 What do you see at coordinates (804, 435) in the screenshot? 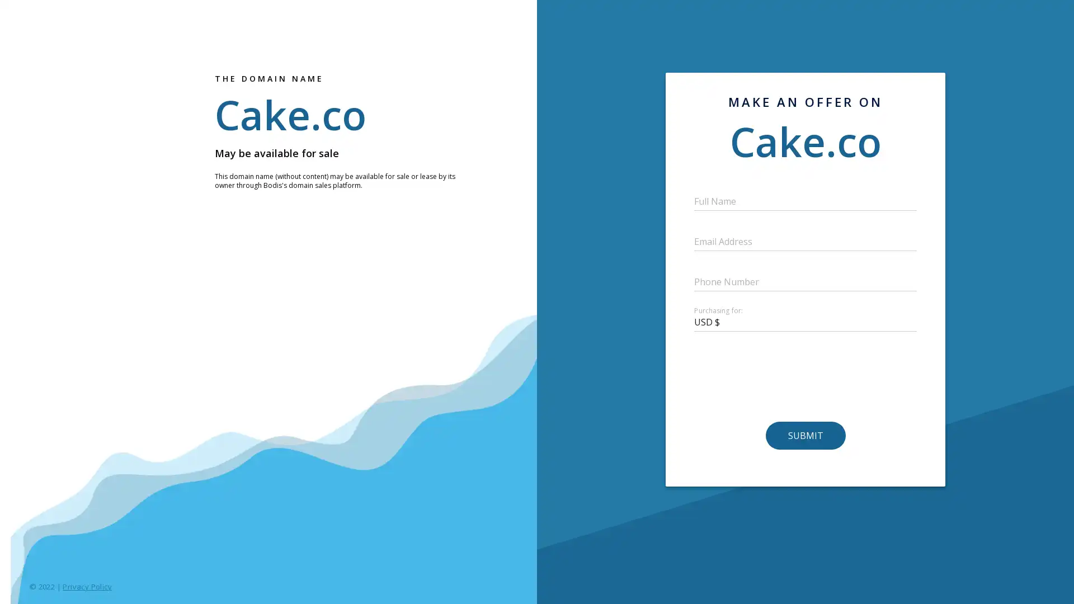
I see `SUBMIT` at bounding box center [804, 435].